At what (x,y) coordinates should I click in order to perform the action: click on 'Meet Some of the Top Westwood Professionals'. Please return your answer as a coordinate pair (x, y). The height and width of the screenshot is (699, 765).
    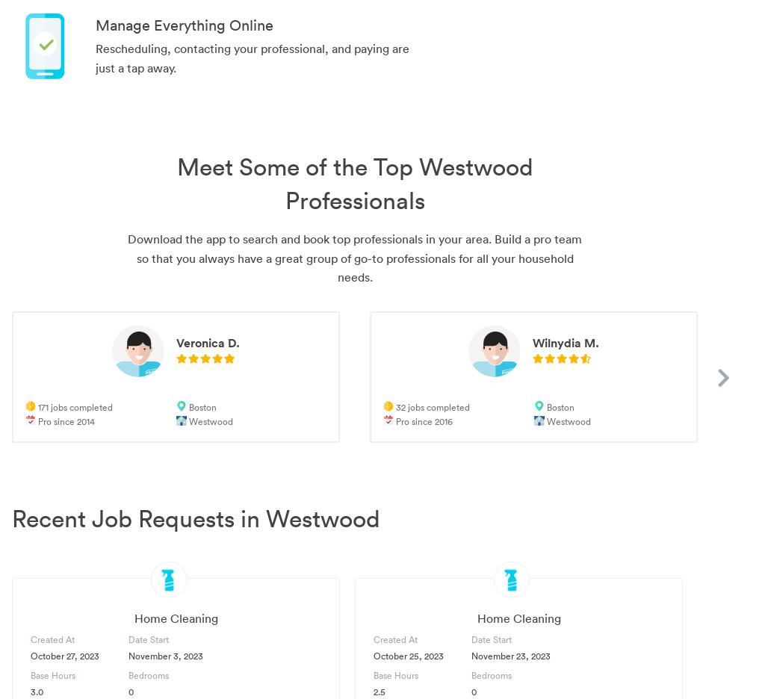
    Looking at the image, I should click on (353, 182).